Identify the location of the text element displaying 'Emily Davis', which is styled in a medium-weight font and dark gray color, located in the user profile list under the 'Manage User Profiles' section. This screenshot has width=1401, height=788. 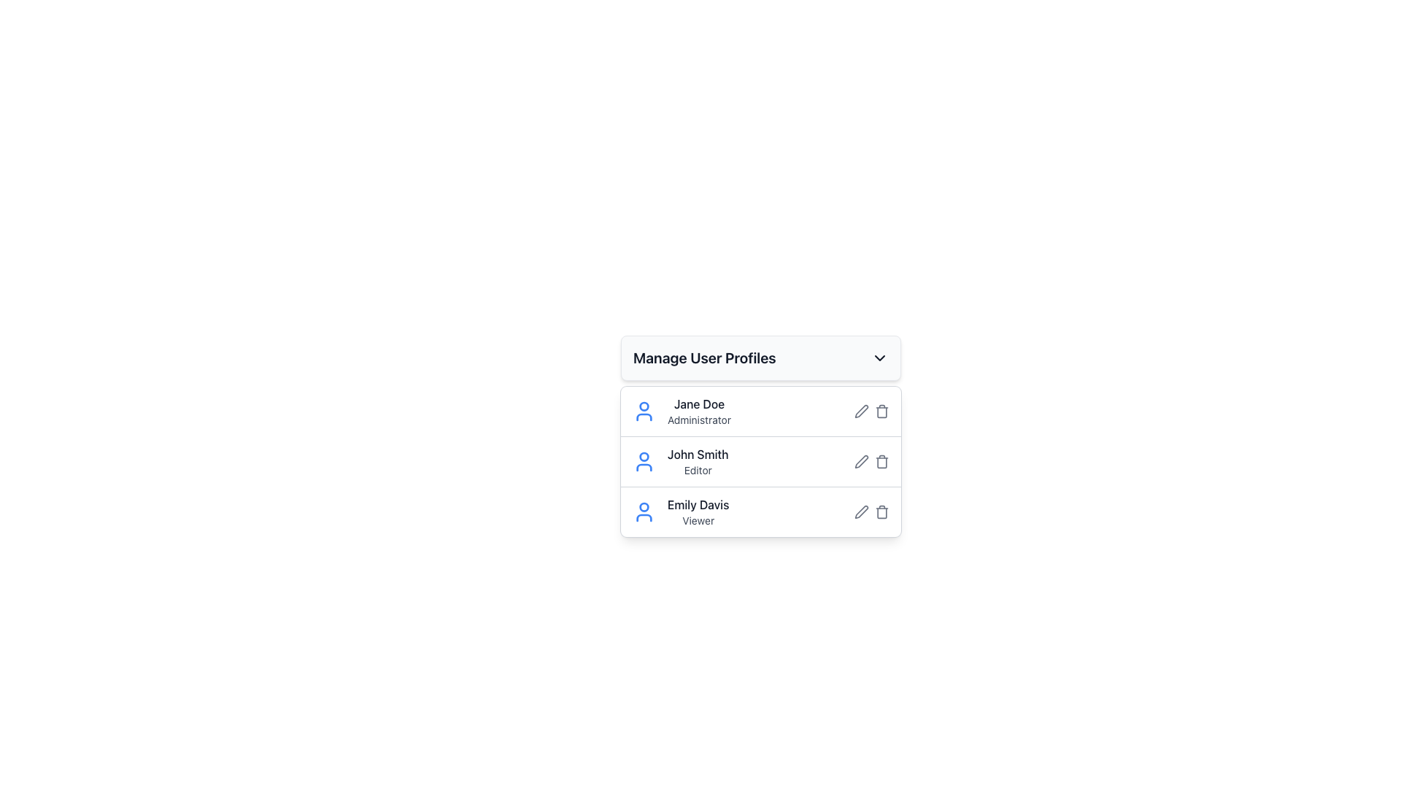
(698, 503).